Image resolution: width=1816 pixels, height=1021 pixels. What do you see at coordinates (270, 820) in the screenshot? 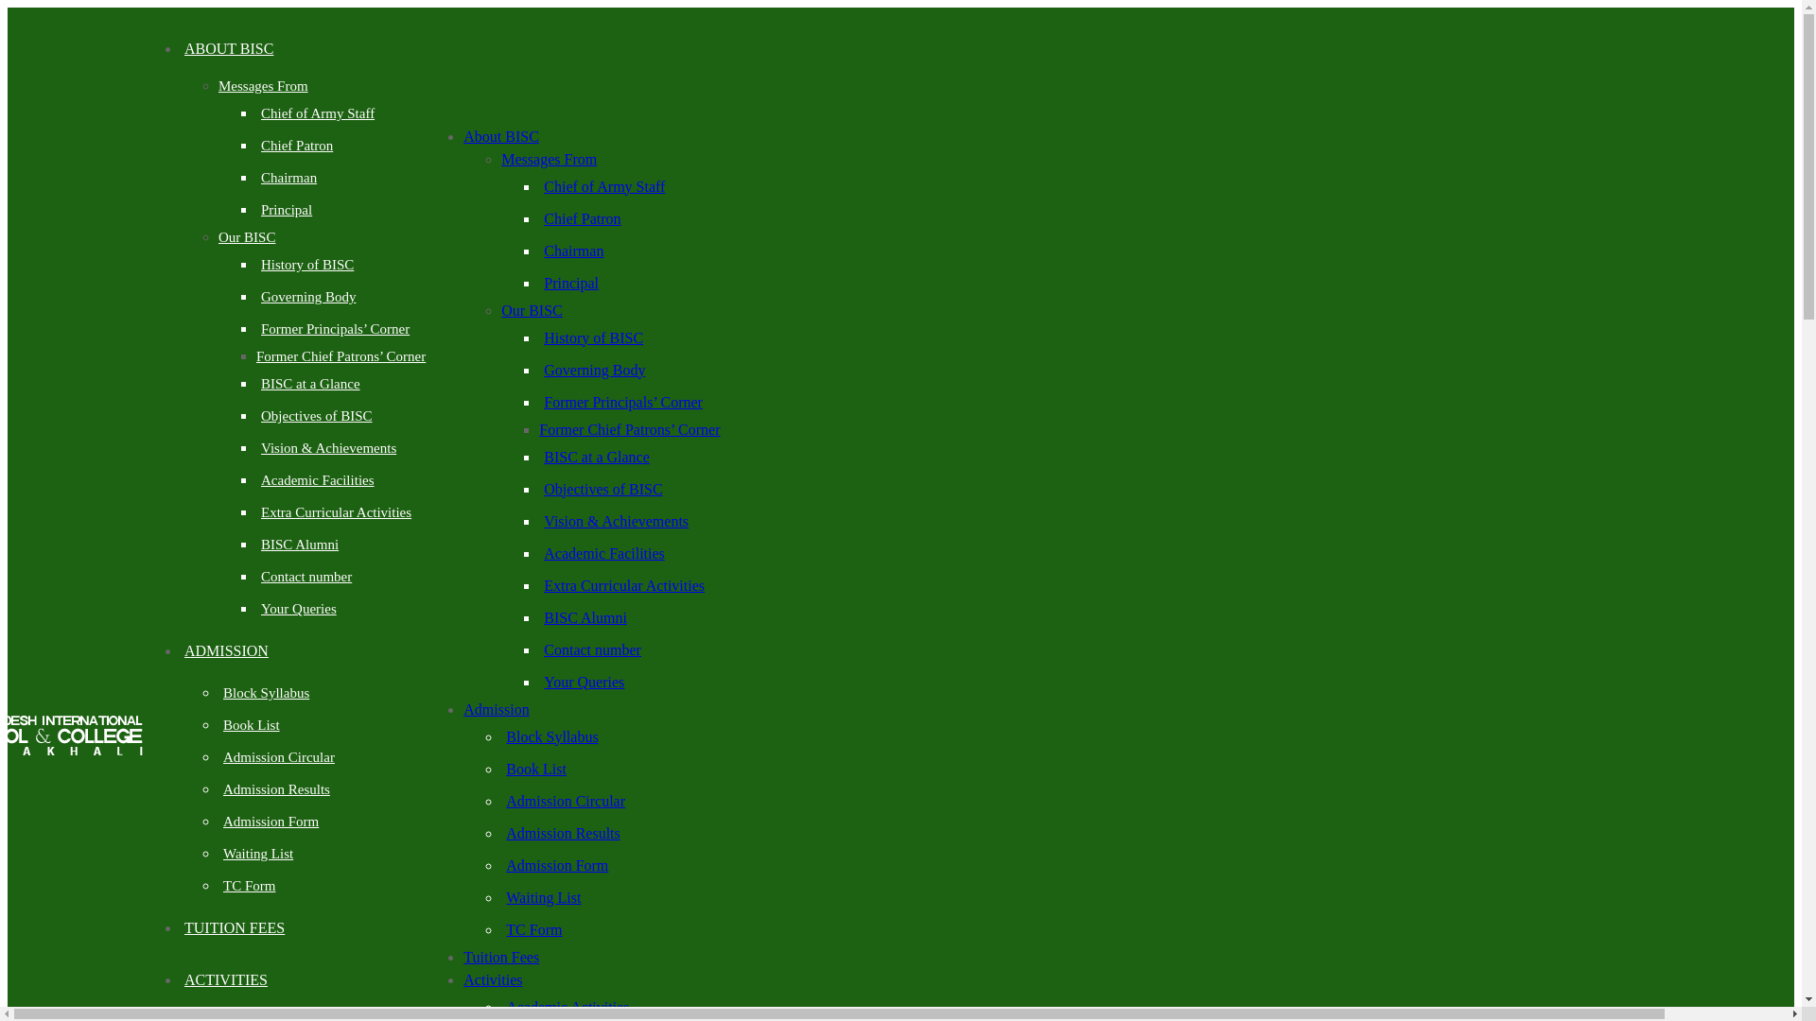
I see `'Admission Form'` at bounding box center [270, 820].